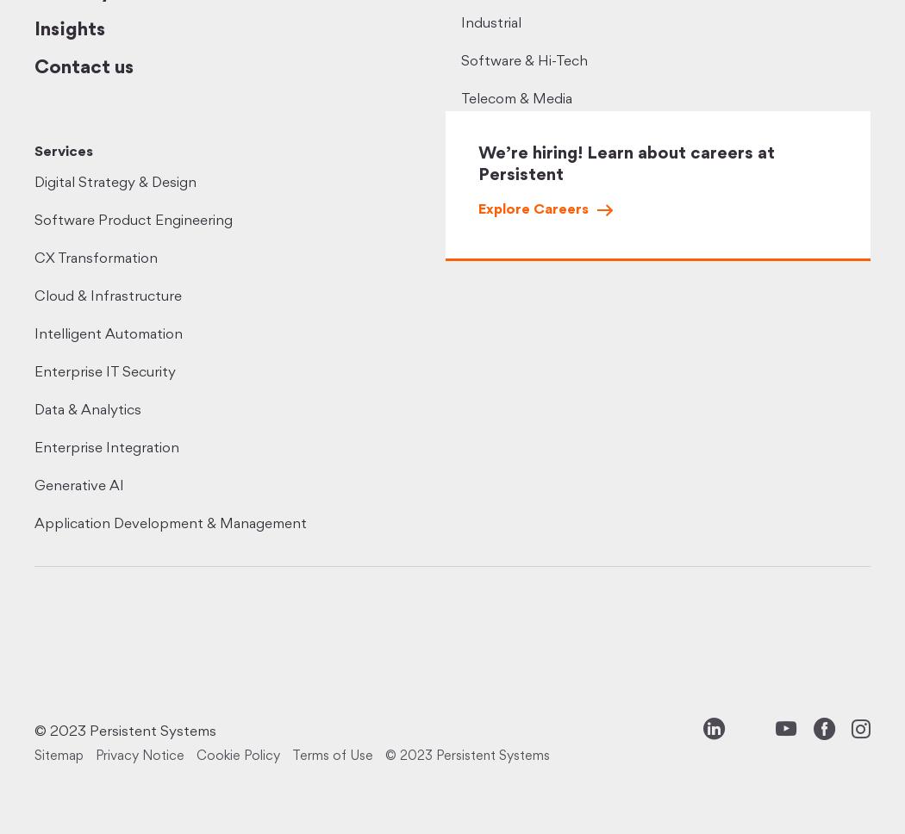 The width and height of the screenshot is (905, 834). What do you see at coordinates (87, 410) in the screenshot?
I see `'Data & Analytics'` at bounding box center [87, 410].